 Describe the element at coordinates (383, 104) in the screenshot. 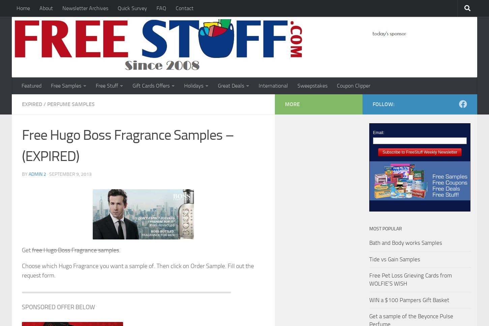

I see `'Follow:'` at that location.